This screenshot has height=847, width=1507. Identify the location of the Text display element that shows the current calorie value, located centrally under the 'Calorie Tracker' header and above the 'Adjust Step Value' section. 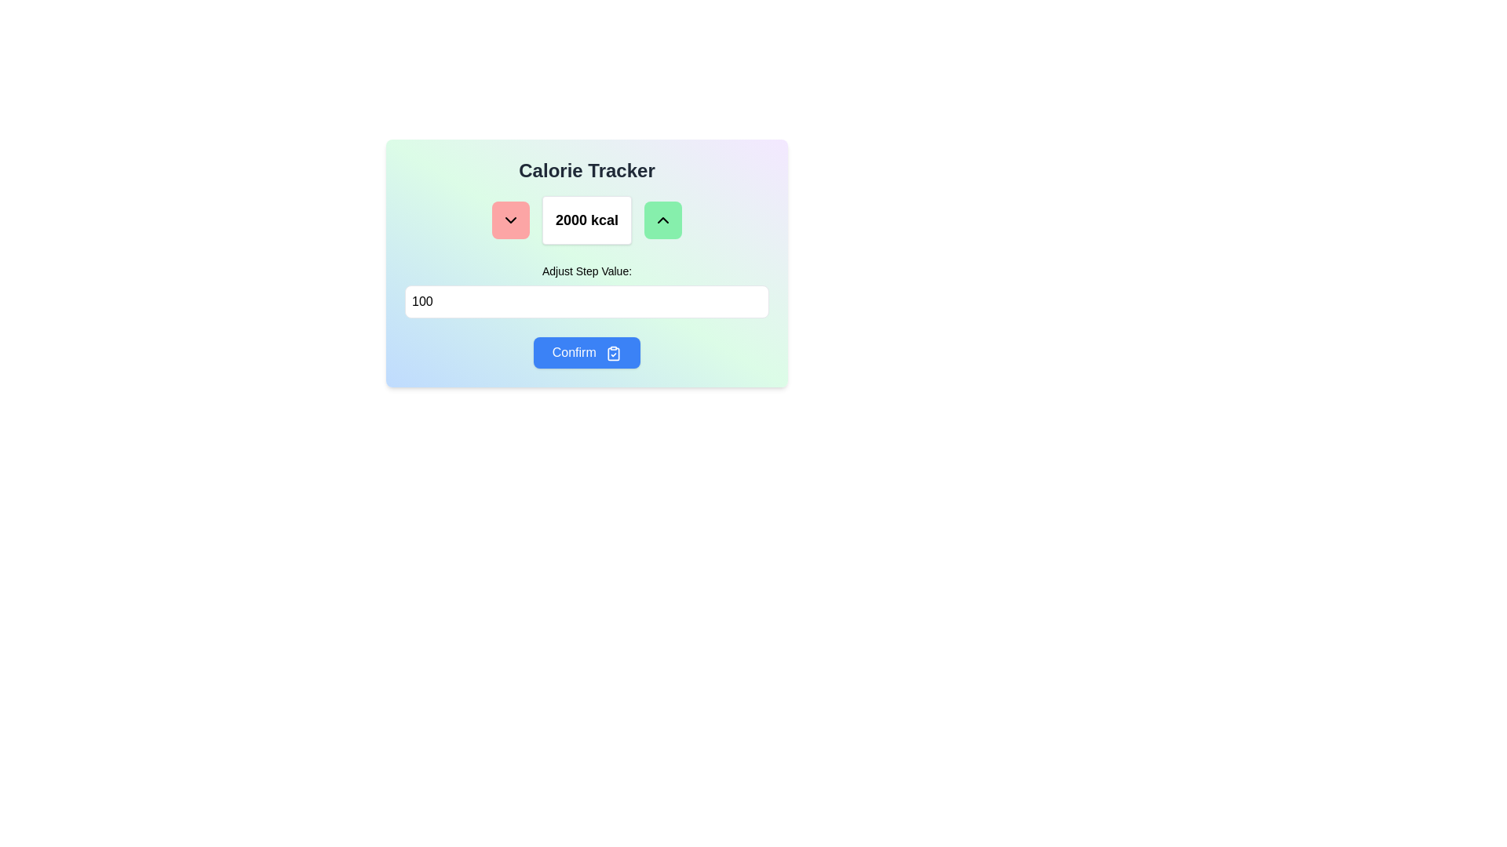
(586, 220).